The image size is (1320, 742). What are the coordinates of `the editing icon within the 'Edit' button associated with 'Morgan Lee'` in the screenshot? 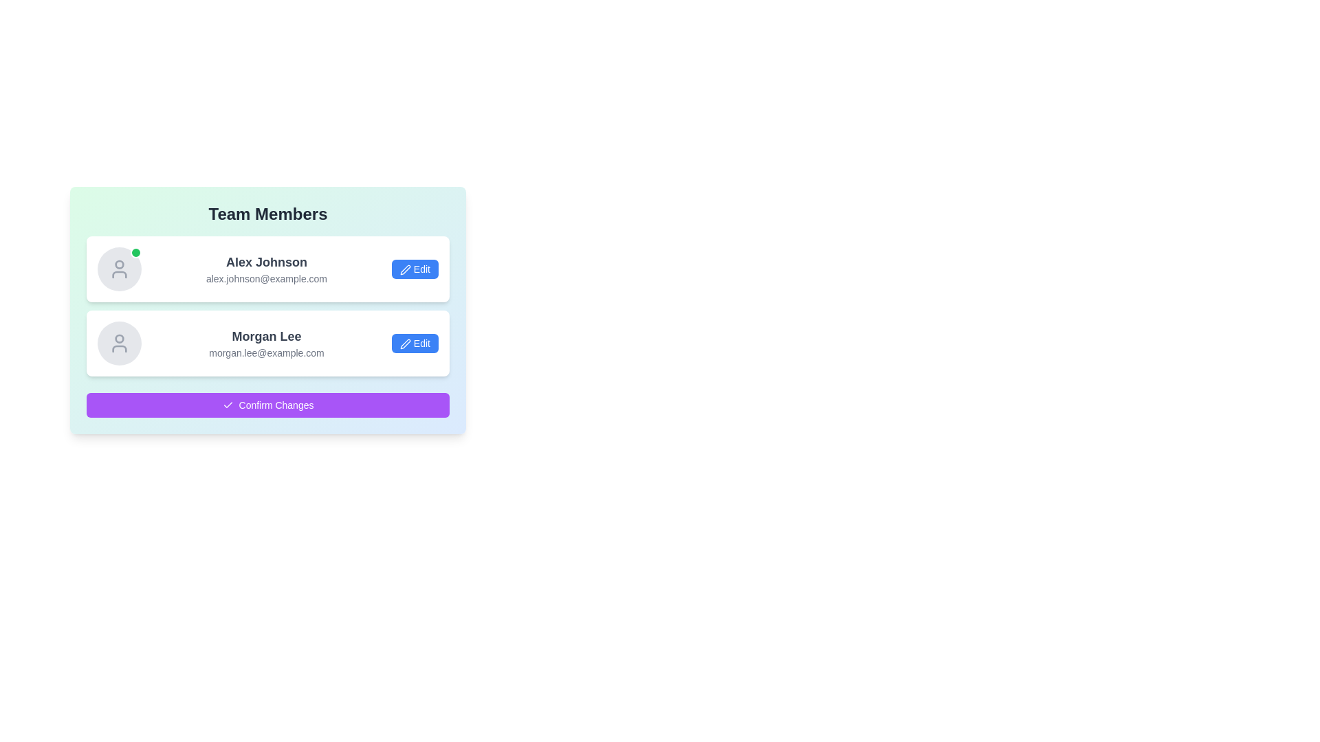 It's located at (405, 344).